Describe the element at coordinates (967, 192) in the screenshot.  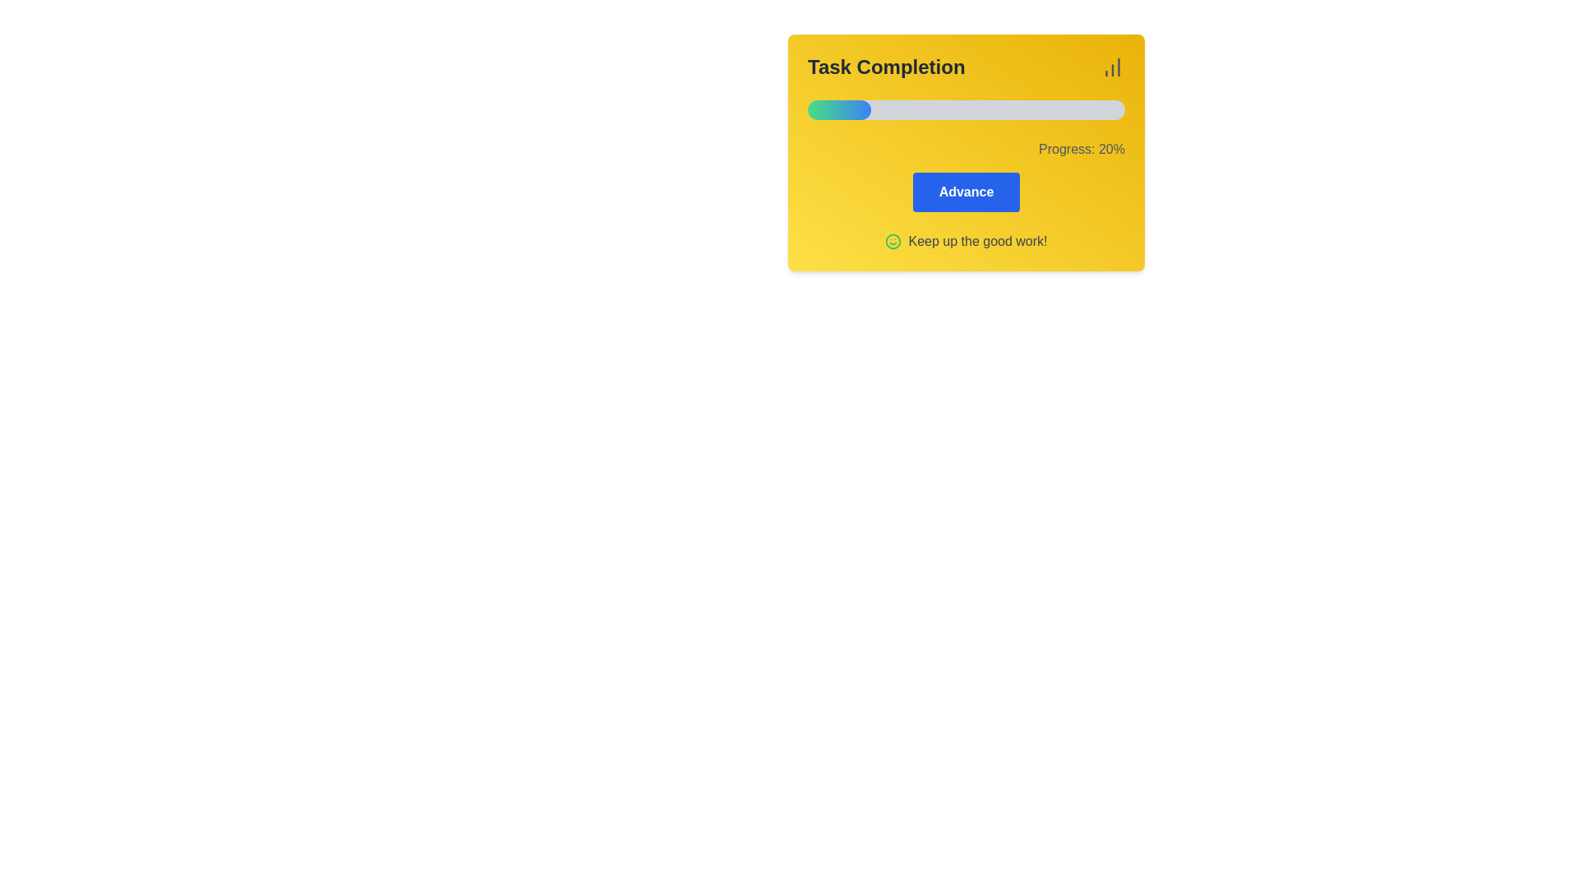
I see `the button located beneath the progress bar displaying 'Progress: 20%'` at that location.